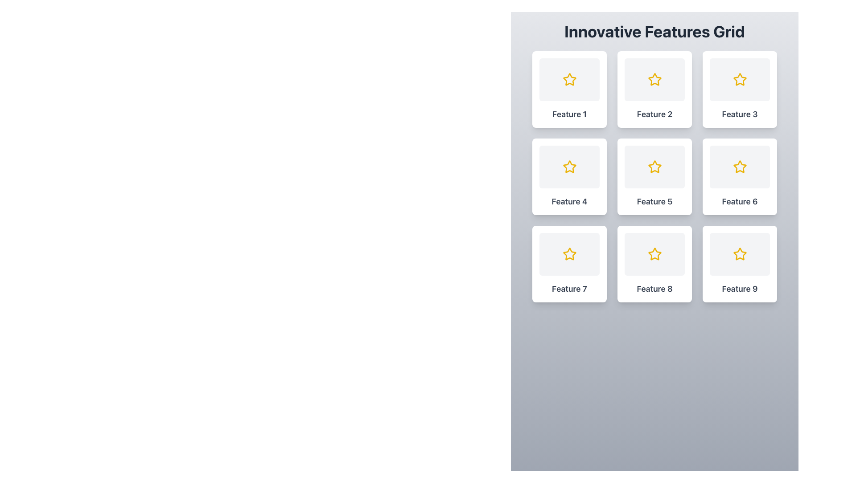 The height and width of the screenshot is (481, 856). Describe the element at coordinates (654, 201) in the screenshot. I see `text label 'Feature 5' which is styled in bold with a large font size and gray color, located in the center of the second row of a 3x3 grid layout` at that location.